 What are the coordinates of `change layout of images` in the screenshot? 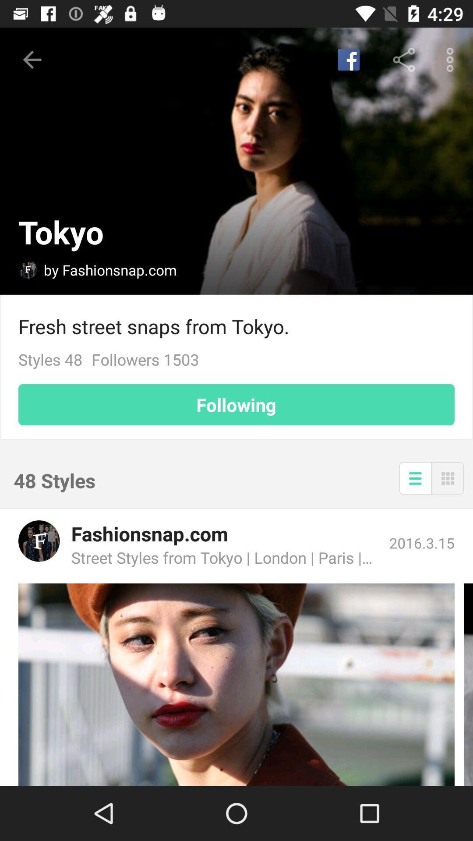 It's located at (448, 477).